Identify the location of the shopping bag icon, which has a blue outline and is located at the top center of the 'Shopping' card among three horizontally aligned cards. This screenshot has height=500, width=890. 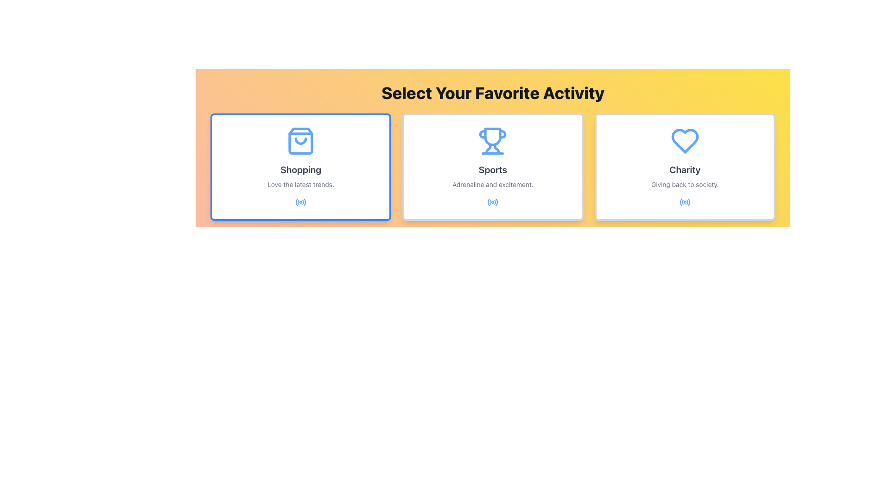
(301, 141).